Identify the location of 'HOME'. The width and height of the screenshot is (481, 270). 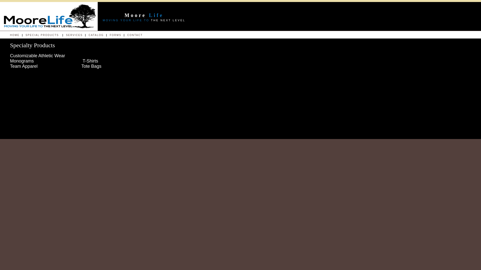
(15, 35).